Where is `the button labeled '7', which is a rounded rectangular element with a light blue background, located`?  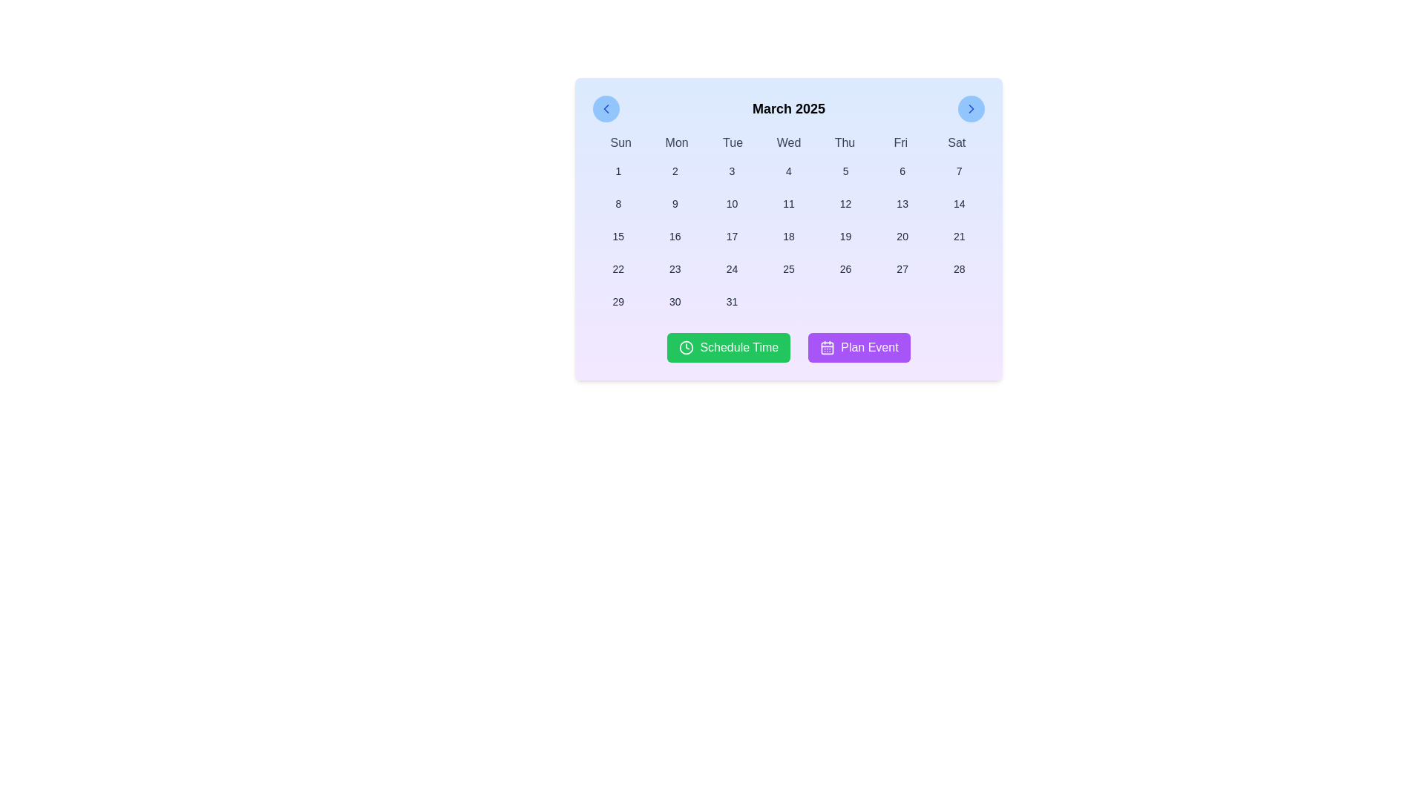 the button labeled '7', which is a rounded rectangular element with a light blue background, located is located at coordinates (959, 171).